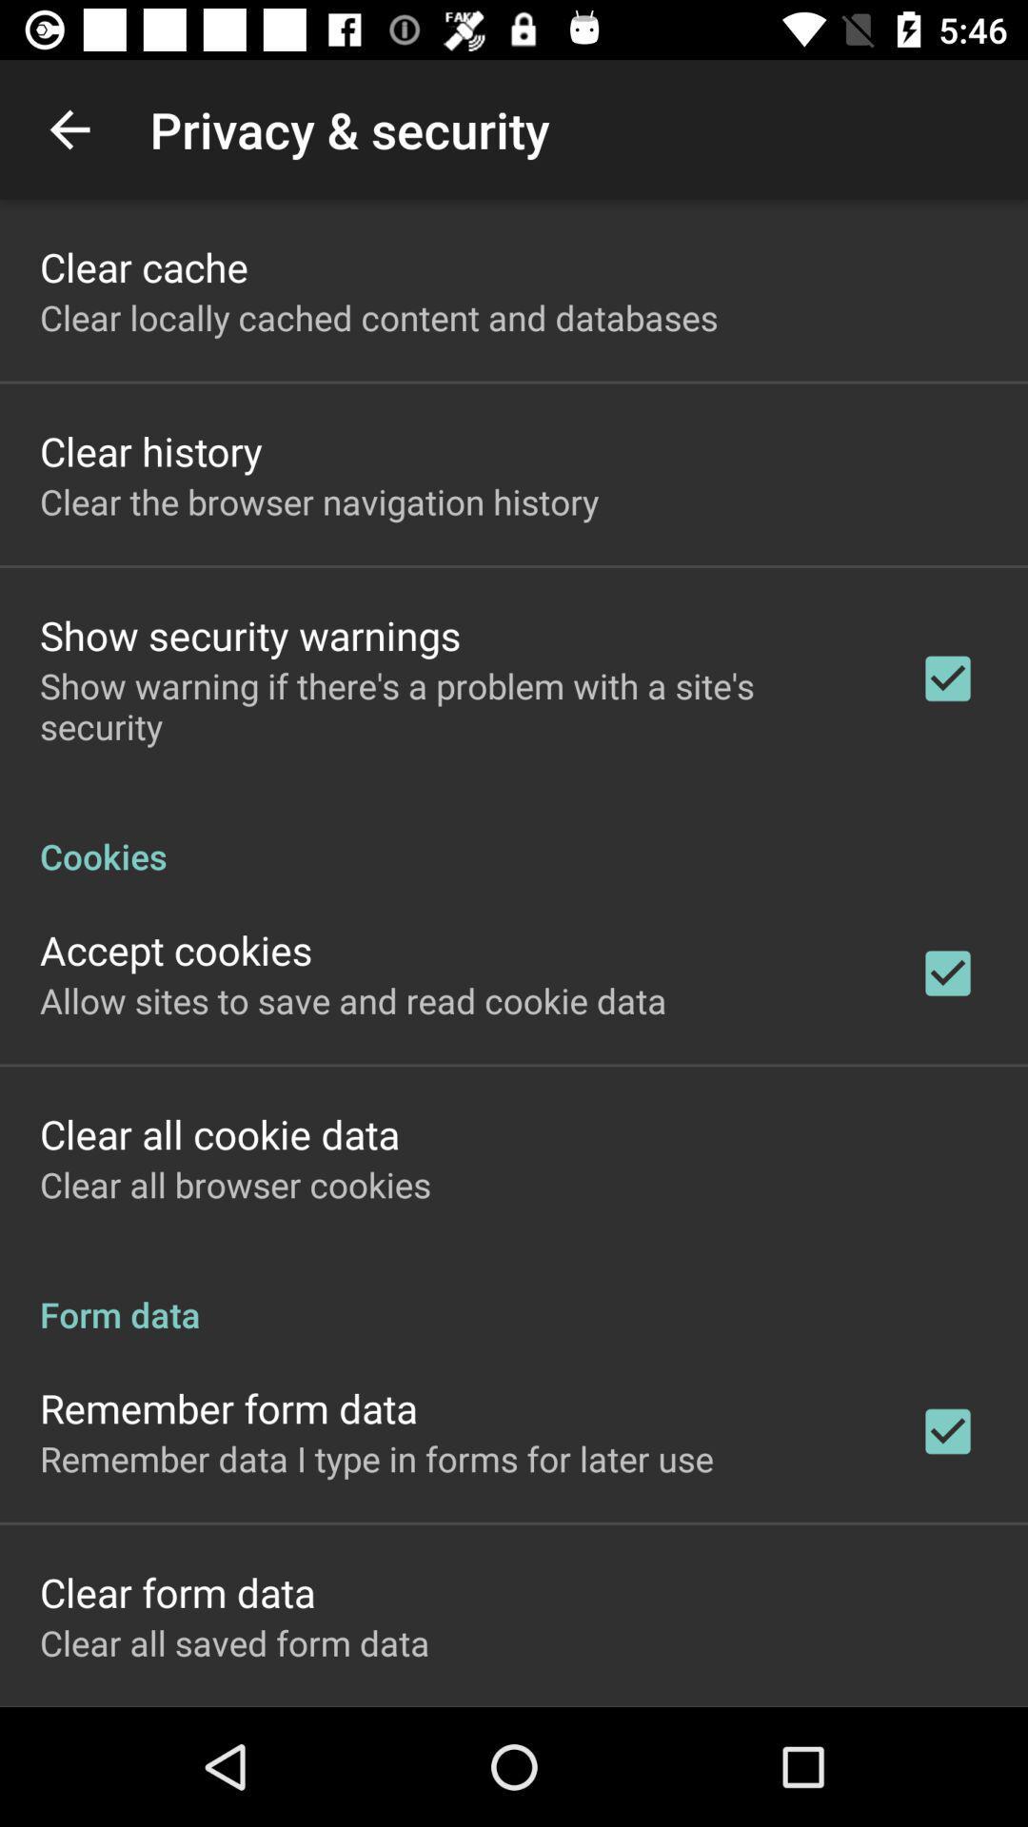 The image size is (1028, 1827). What do you see at coordinates (143, 265) in the screenshot?
I see `the icon above clear locally cached` at bounding box center [143, 265].